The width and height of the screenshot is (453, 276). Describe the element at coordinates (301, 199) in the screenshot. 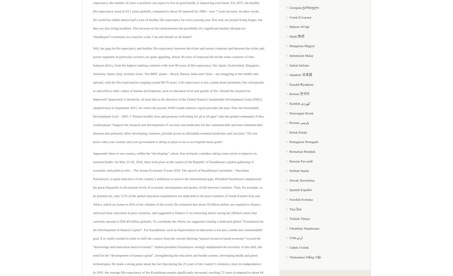

I see `'Swedish Svenska'` at that location.